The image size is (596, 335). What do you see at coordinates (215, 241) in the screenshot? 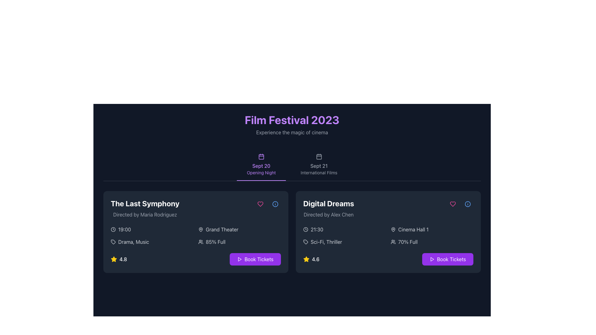
I see `occupancy level label '85% Full' located below the group icon in the left card titled 'The Last Symphony'` at bounding box center [215, 241].